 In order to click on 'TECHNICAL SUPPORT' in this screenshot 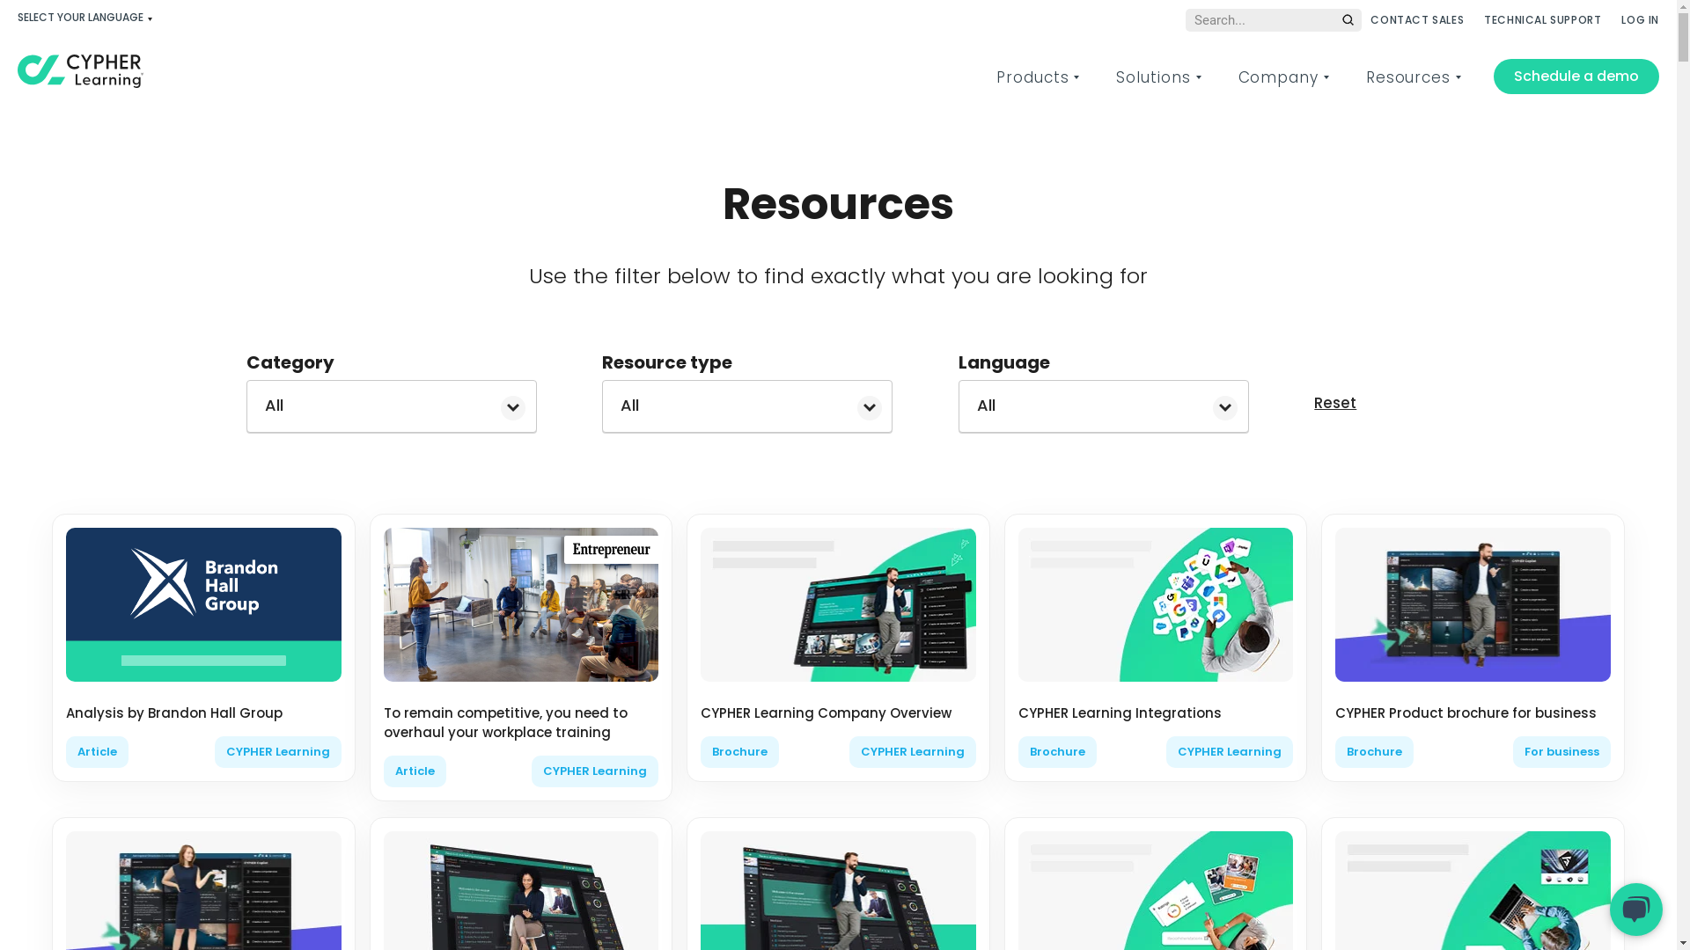, I will do `click(1541, 19)`.